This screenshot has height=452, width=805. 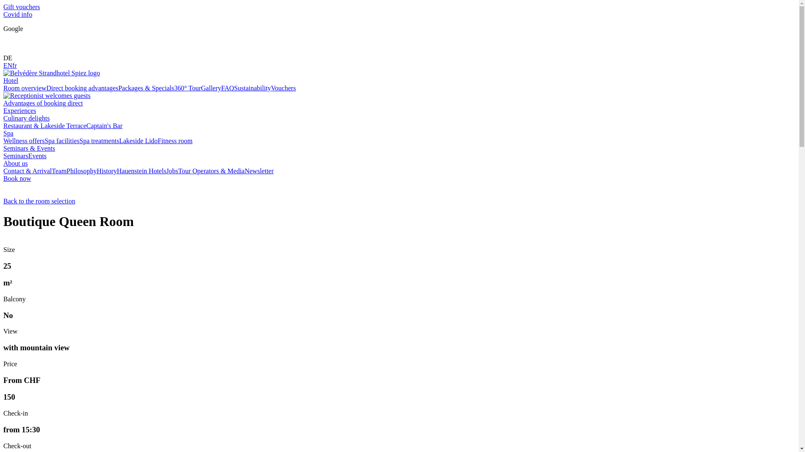 What do you see at coordinates (25, 88) in the screenshot?
I see `'Room overview'` at bounding box center [25, 88].